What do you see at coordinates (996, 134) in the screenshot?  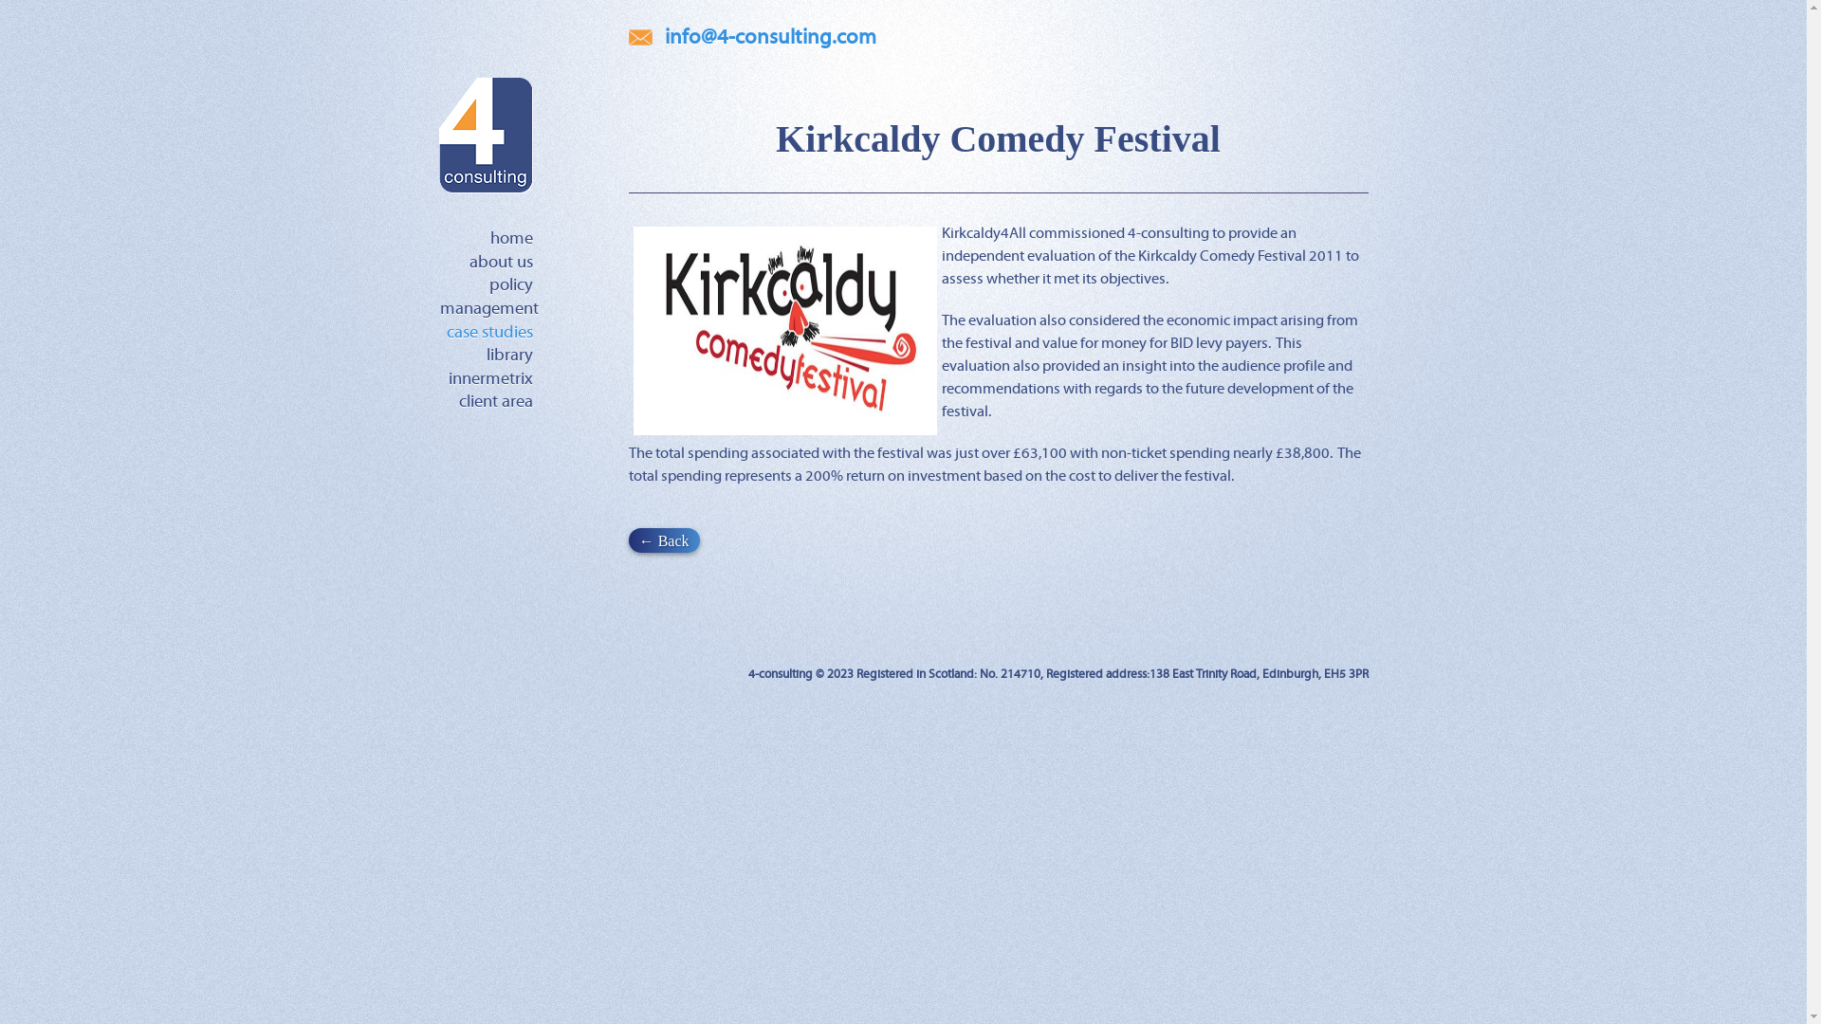 I see `'Kirkcaldy Comedy Festival'` at bounding box center [996, 134].